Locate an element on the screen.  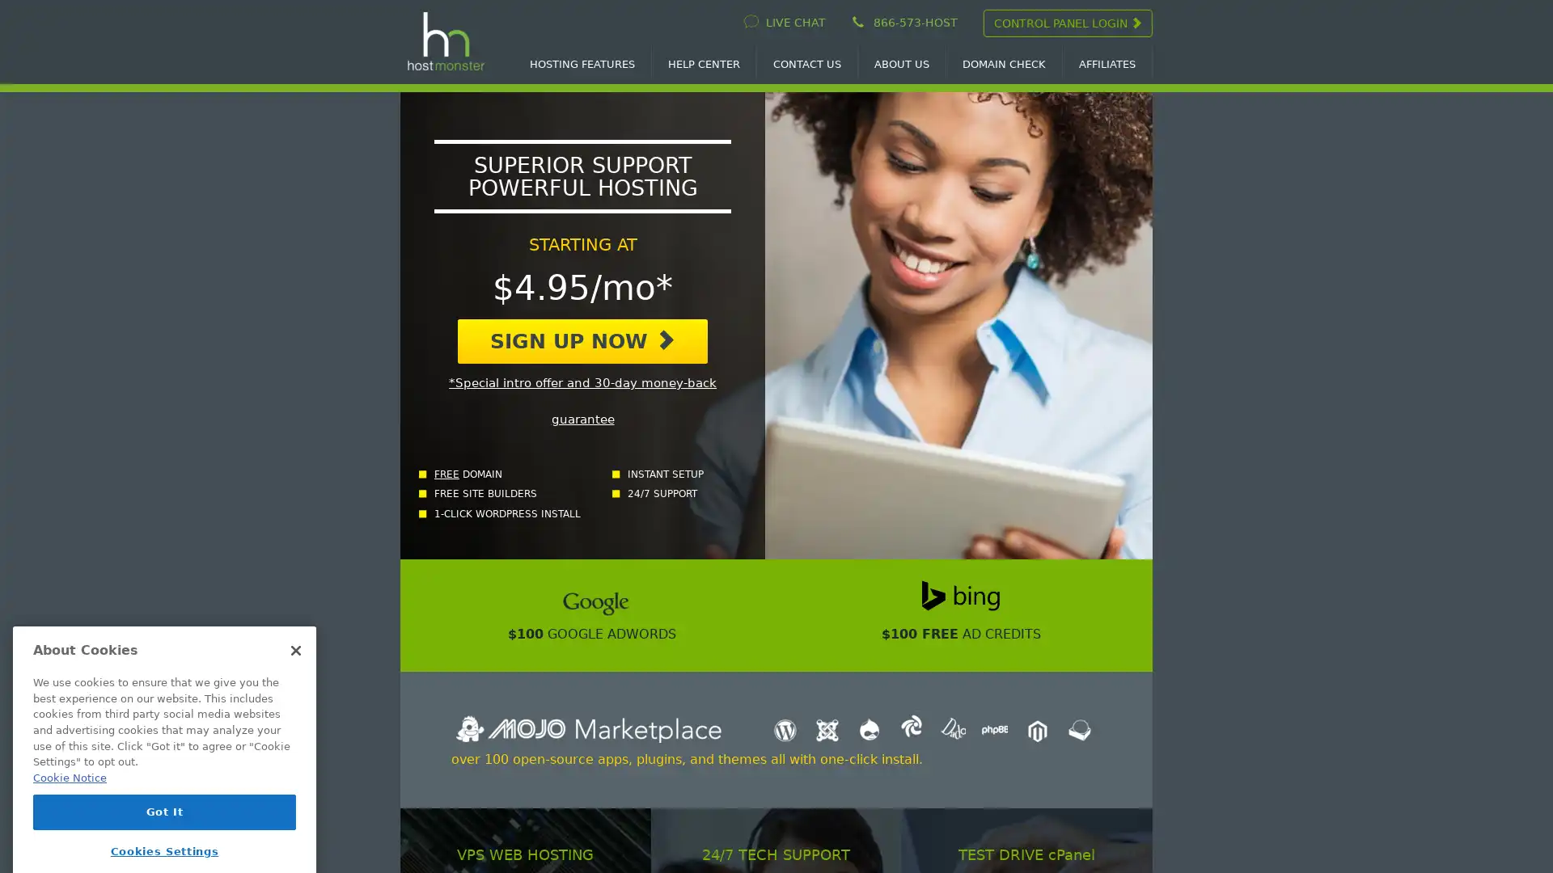
Close is located at coordinates (295, 617).